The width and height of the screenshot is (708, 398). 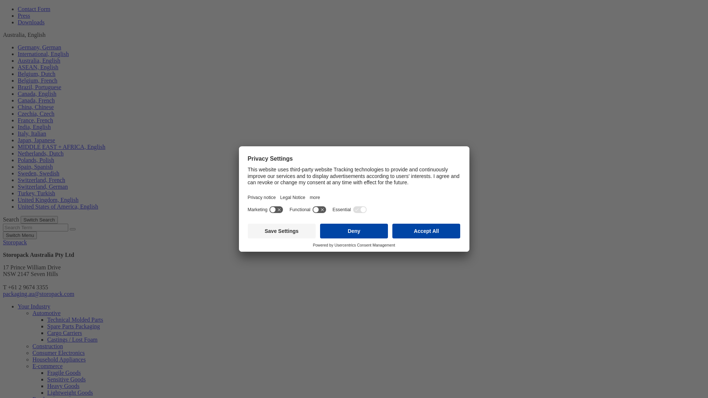 What do you see at coordinates (31, 22) in the screenshot?
I see `'Downloads'` at bounding box center [31, 22].